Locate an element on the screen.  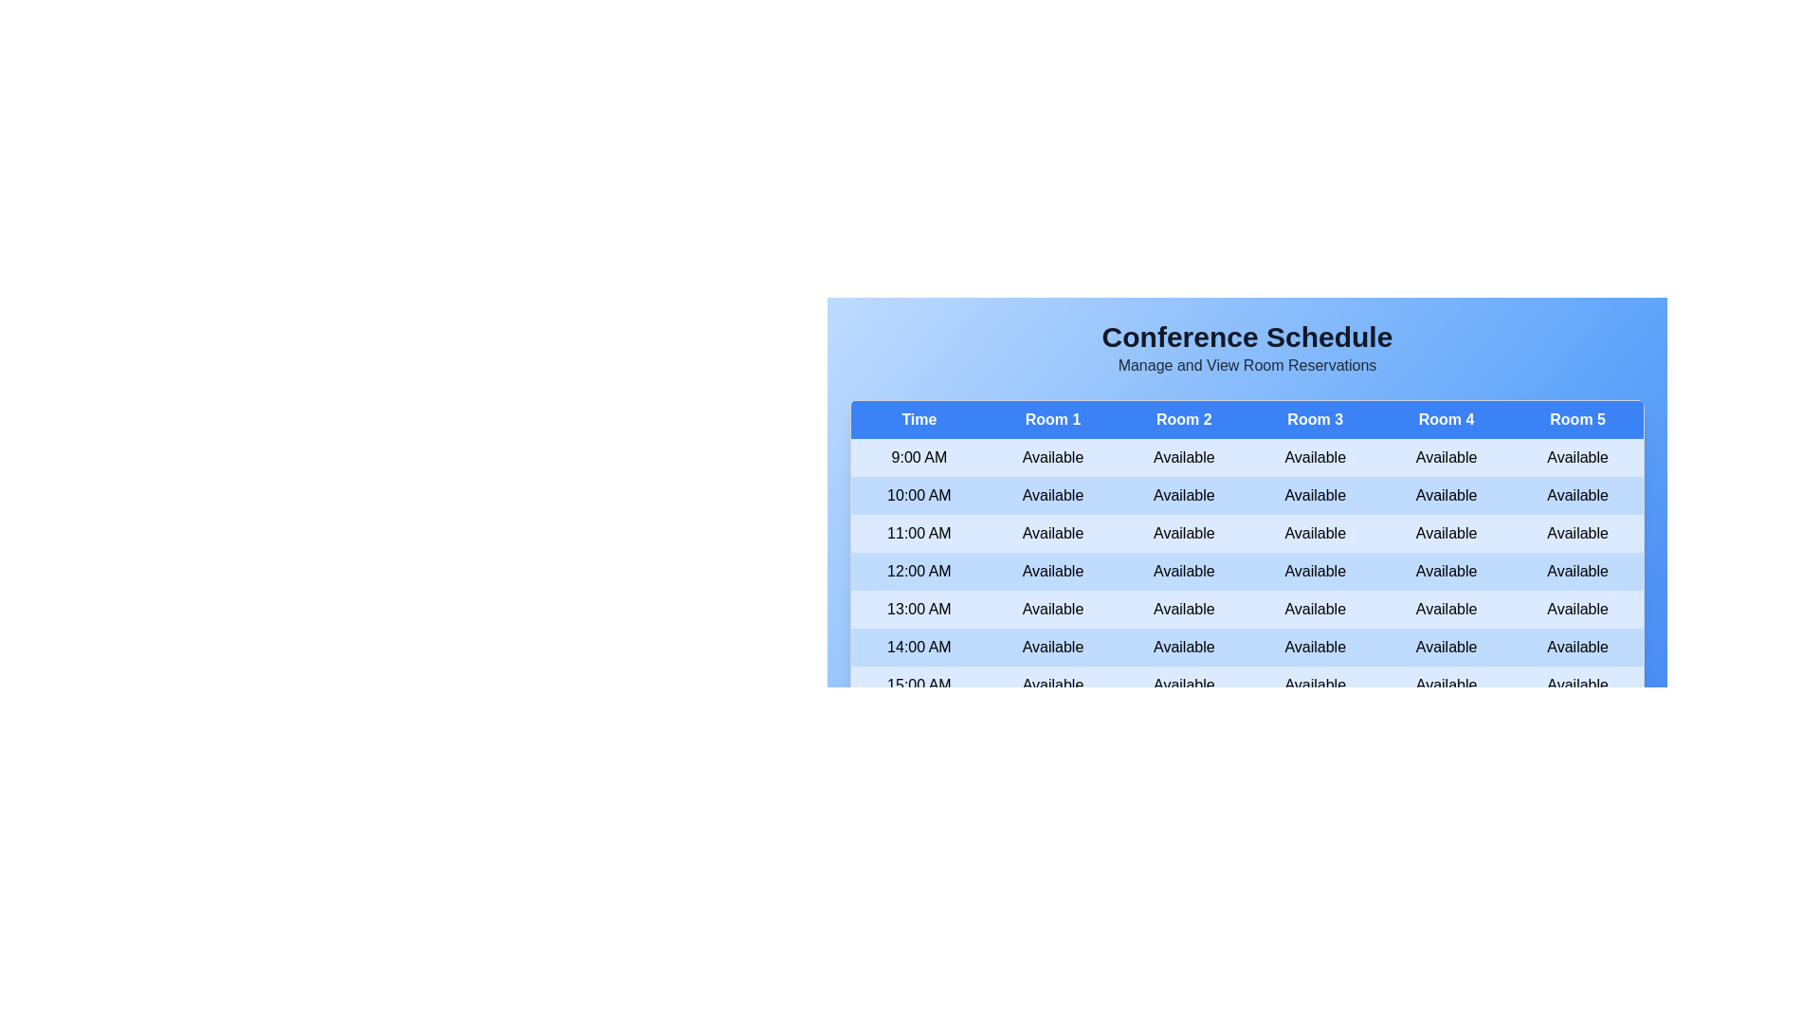
the header of Room 5 to sort the table by that column is located at coordinates (1577, 418).